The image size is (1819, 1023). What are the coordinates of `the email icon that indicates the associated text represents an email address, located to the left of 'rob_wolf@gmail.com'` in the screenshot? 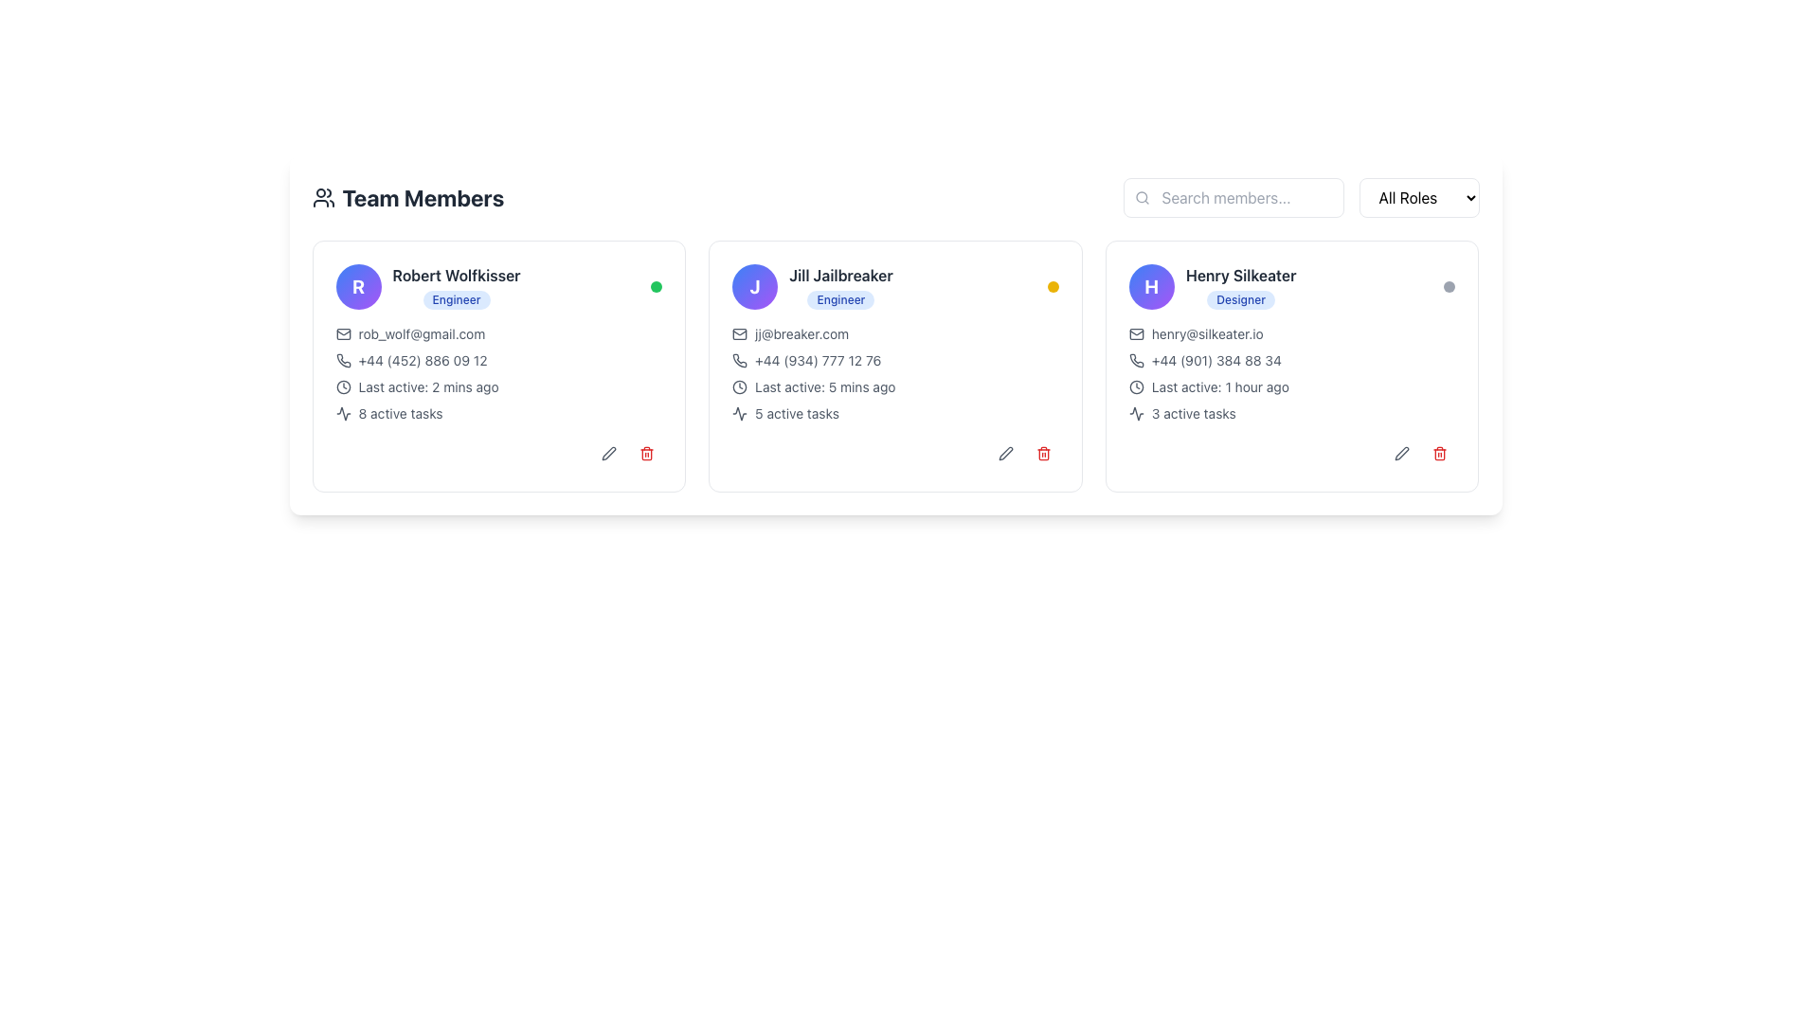 It's located at (343, 333).